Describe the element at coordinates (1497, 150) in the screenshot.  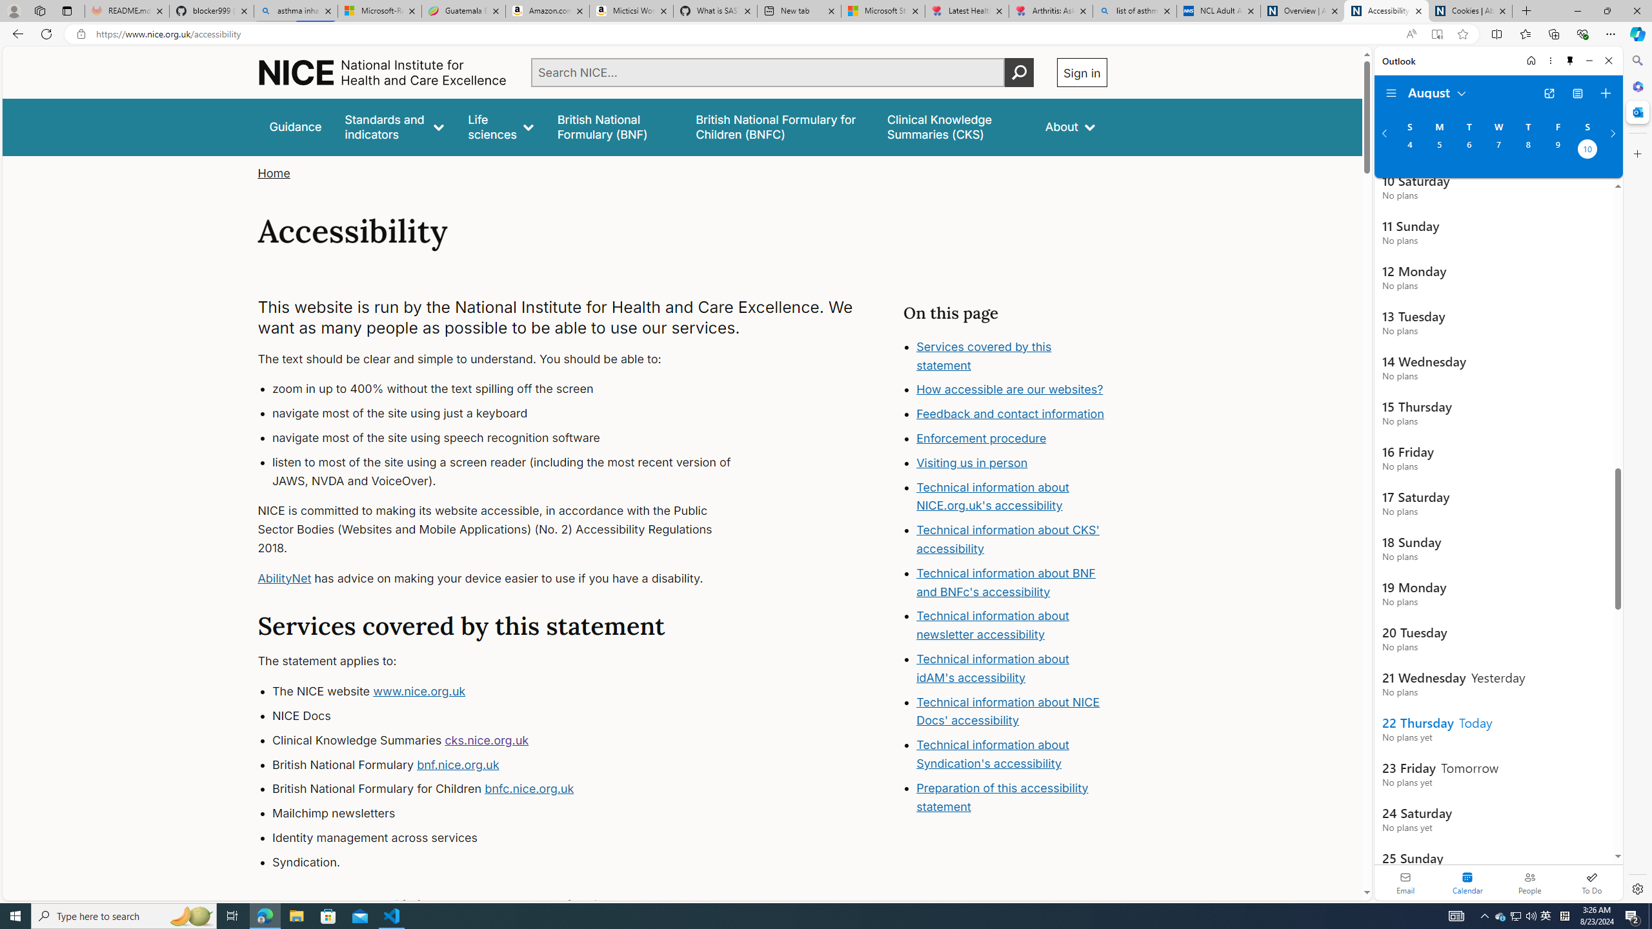
I see `'Wednesday, August 7, 2024. '` at that location.